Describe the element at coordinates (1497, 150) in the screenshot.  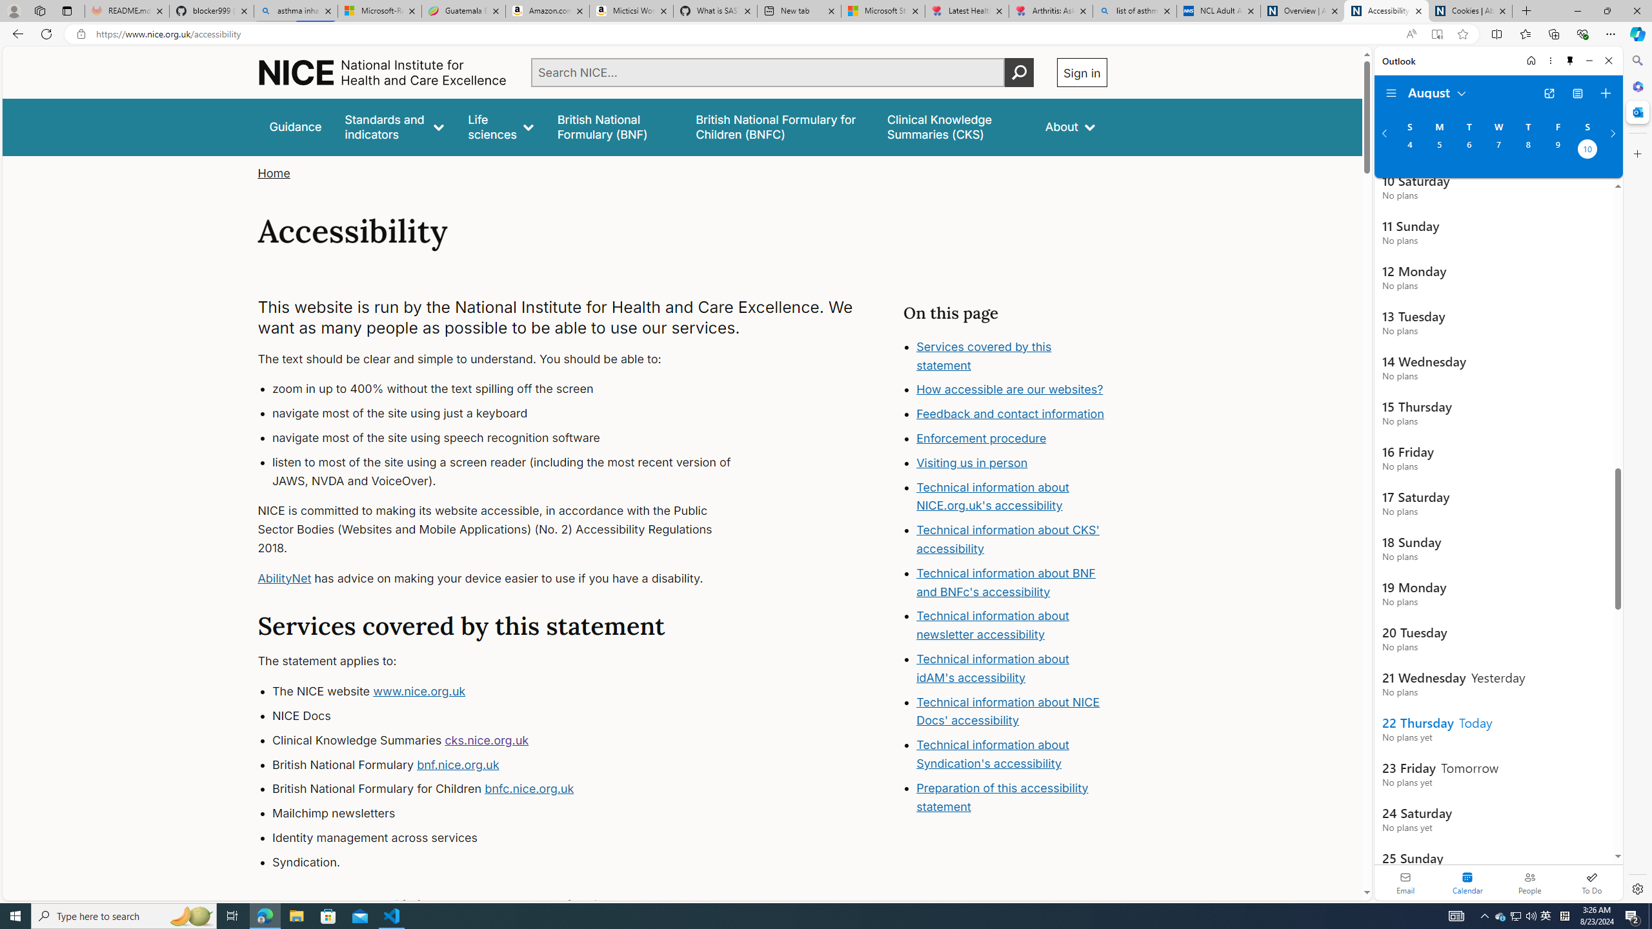
I see `'Wednesday, August 7, 2024. '` at that location.